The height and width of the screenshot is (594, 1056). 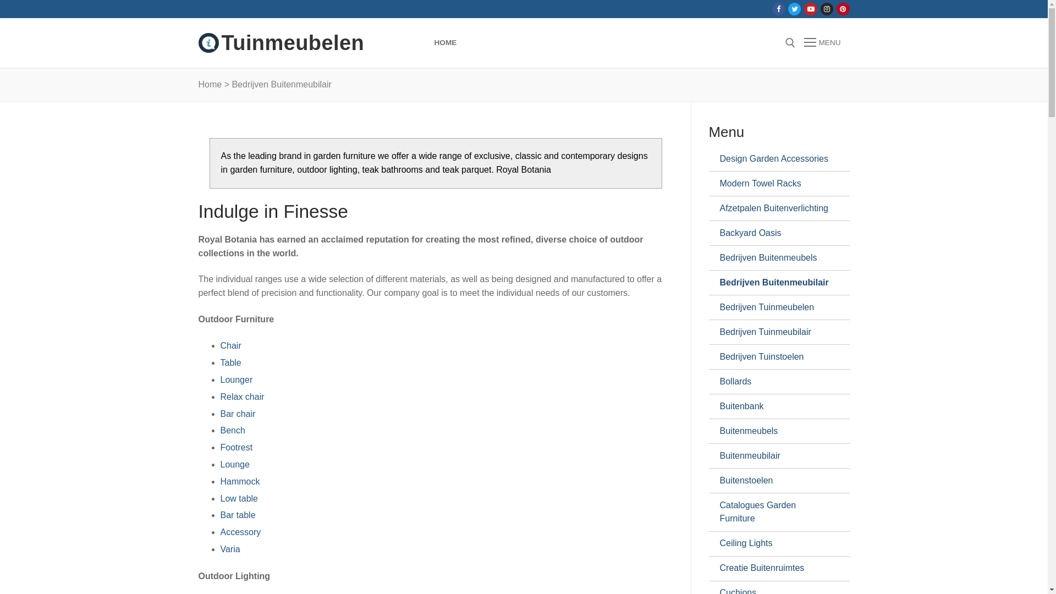 I want to click on 'Table', so click(x=229, y=362).